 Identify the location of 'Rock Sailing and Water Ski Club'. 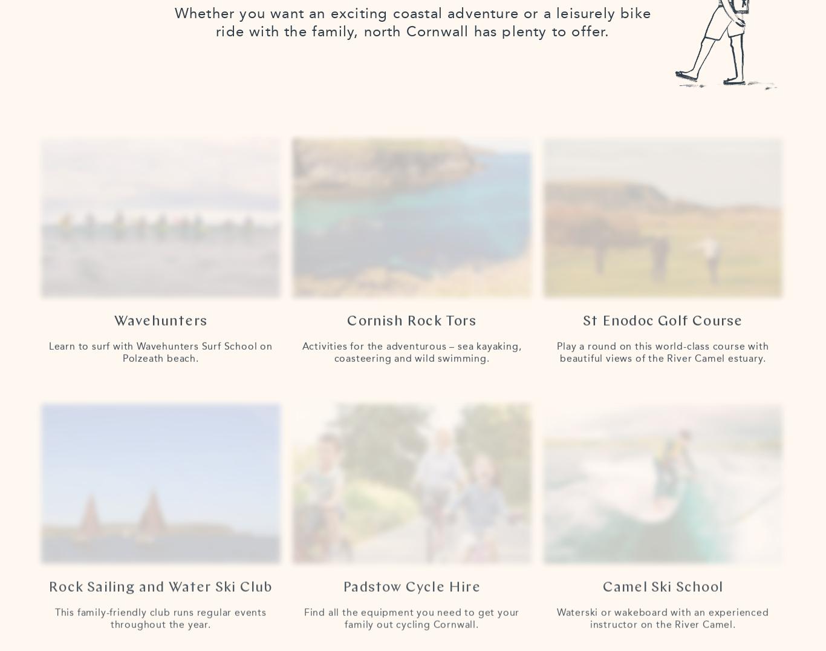
(160, 581).